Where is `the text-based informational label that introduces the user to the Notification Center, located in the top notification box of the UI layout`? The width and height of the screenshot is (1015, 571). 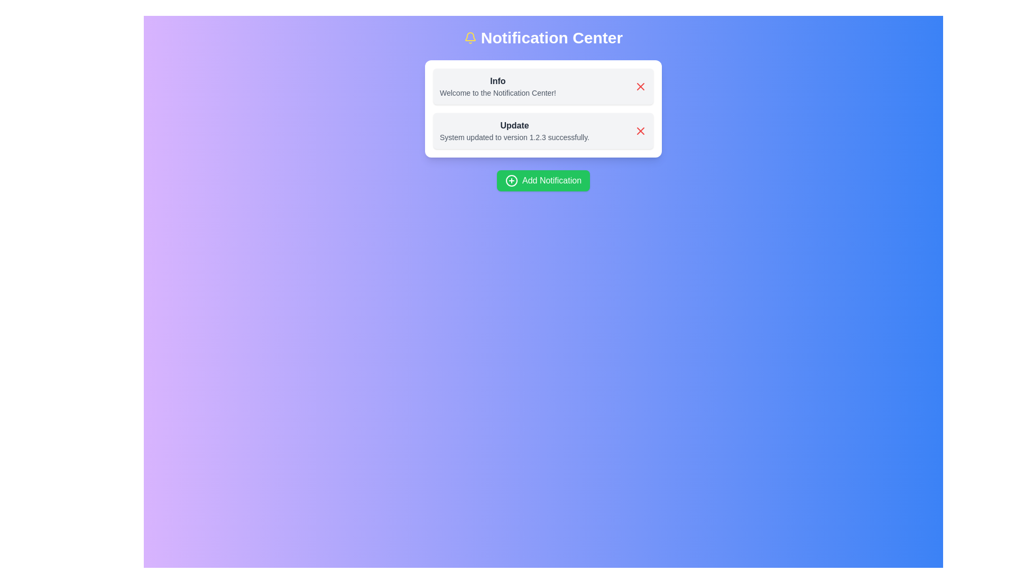 the text-based informational label that introduces the user to the Notification Center, located in the top notification box of the UI layout is located at coordinates (497, 86).